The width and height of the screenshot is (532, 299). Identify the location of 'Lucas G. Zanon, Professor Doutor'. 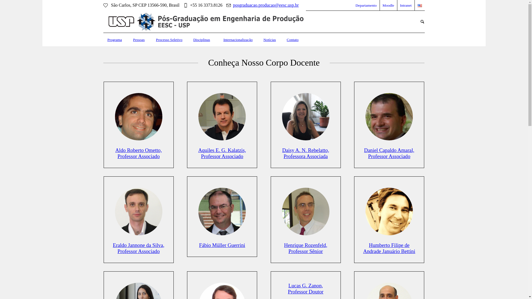
(288, 288).